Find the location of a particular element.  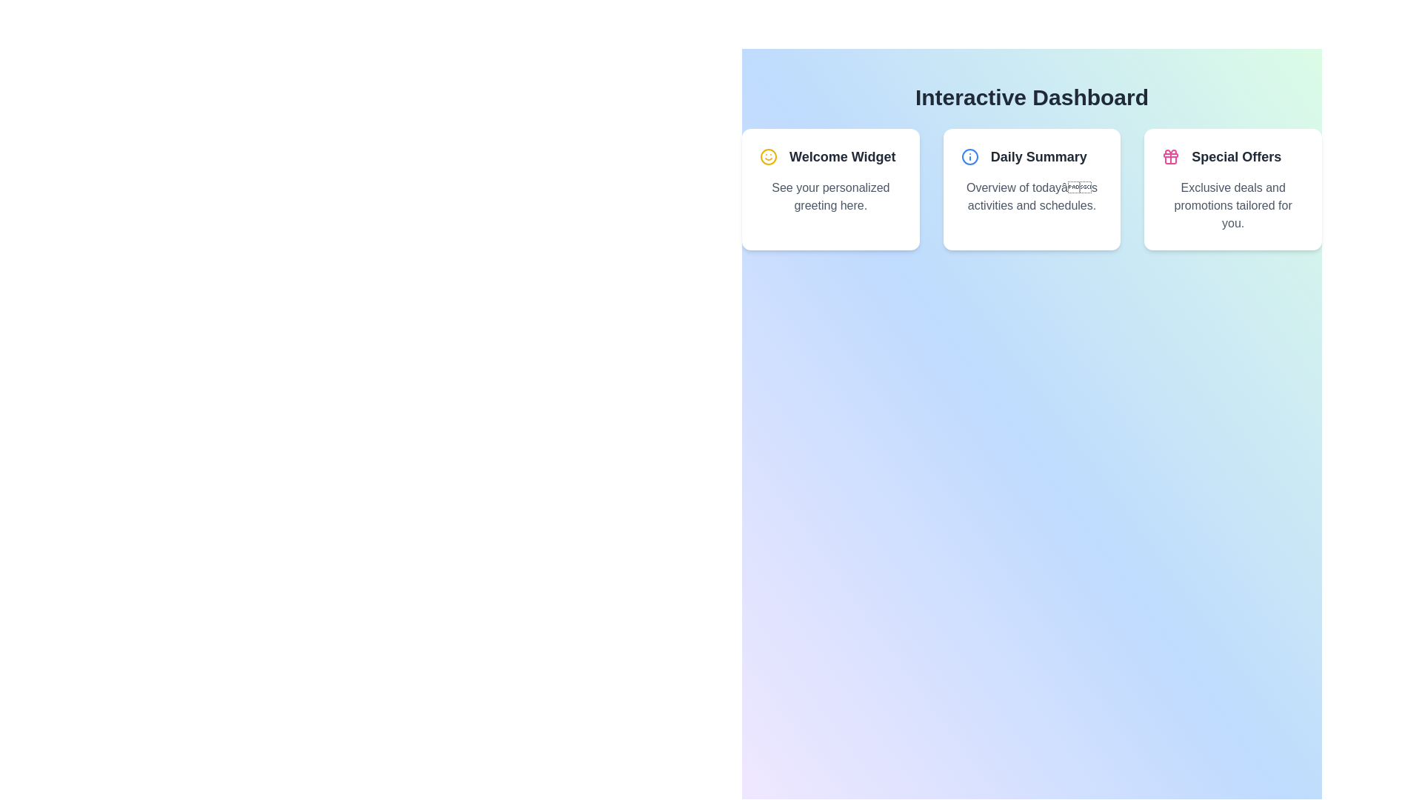

greeting message from the informational card located at the top-left corner of the interface, which is the first card in a grid layout is located at coordinates (830, 188).